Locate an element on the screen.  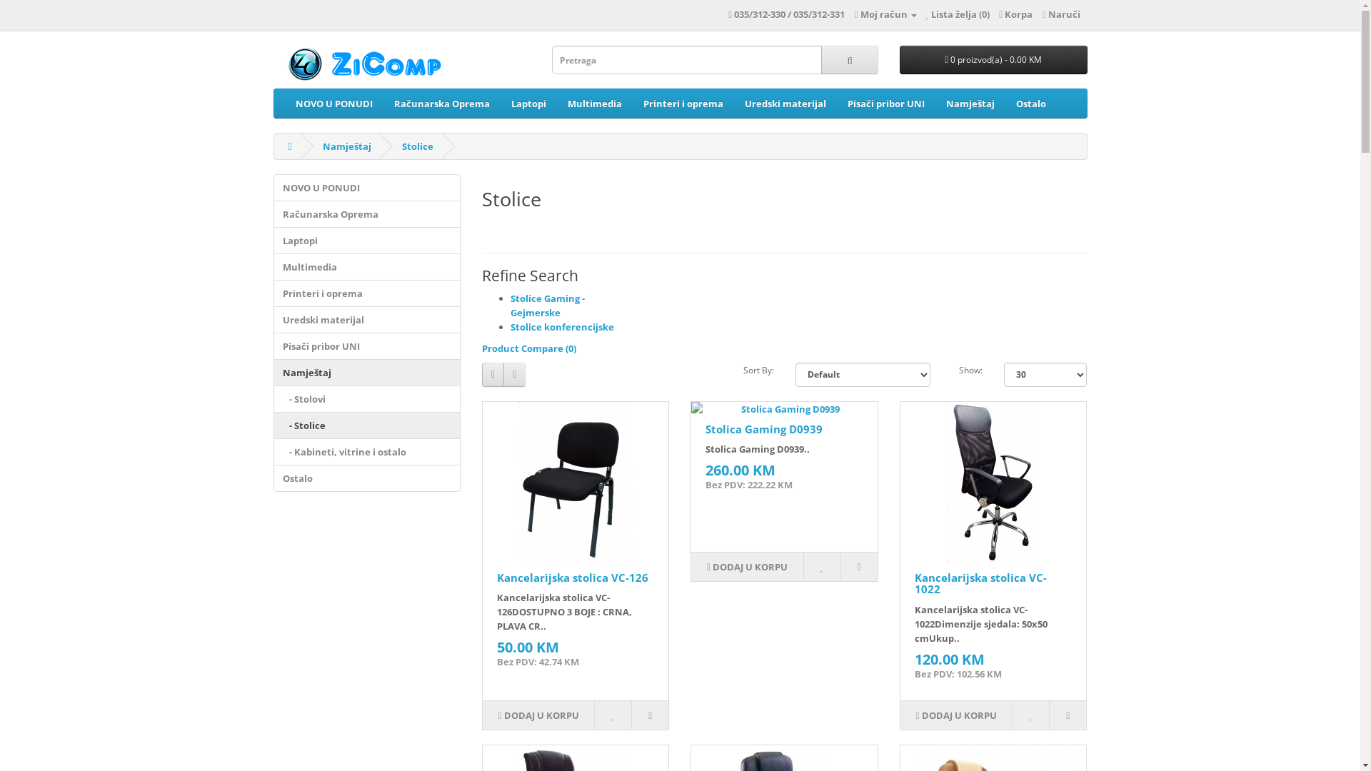
'Korpa' is located at coordinates (998, 14).